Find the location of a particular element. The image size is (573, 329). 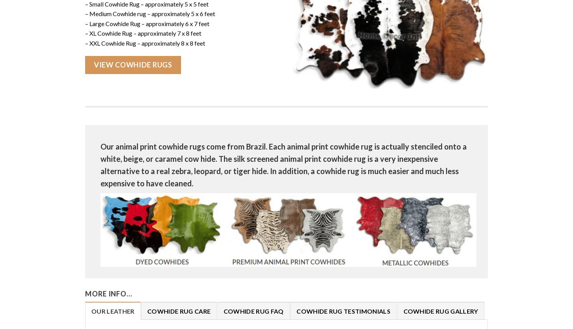

'MORE INFO...' is located at coordinates (108, 293).